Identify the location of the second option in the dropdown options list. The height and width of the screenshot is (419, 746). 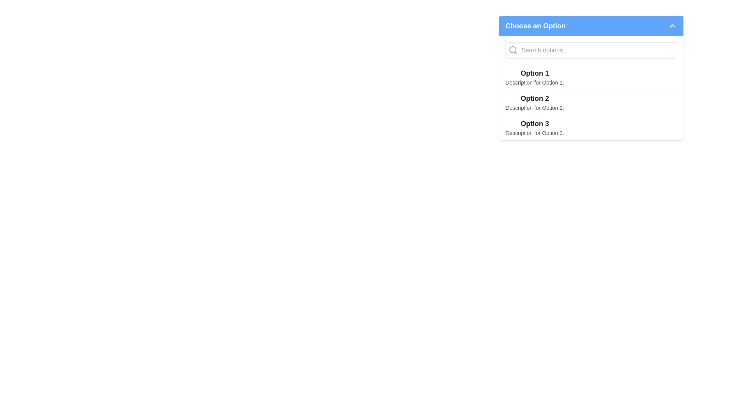
(591, 88).